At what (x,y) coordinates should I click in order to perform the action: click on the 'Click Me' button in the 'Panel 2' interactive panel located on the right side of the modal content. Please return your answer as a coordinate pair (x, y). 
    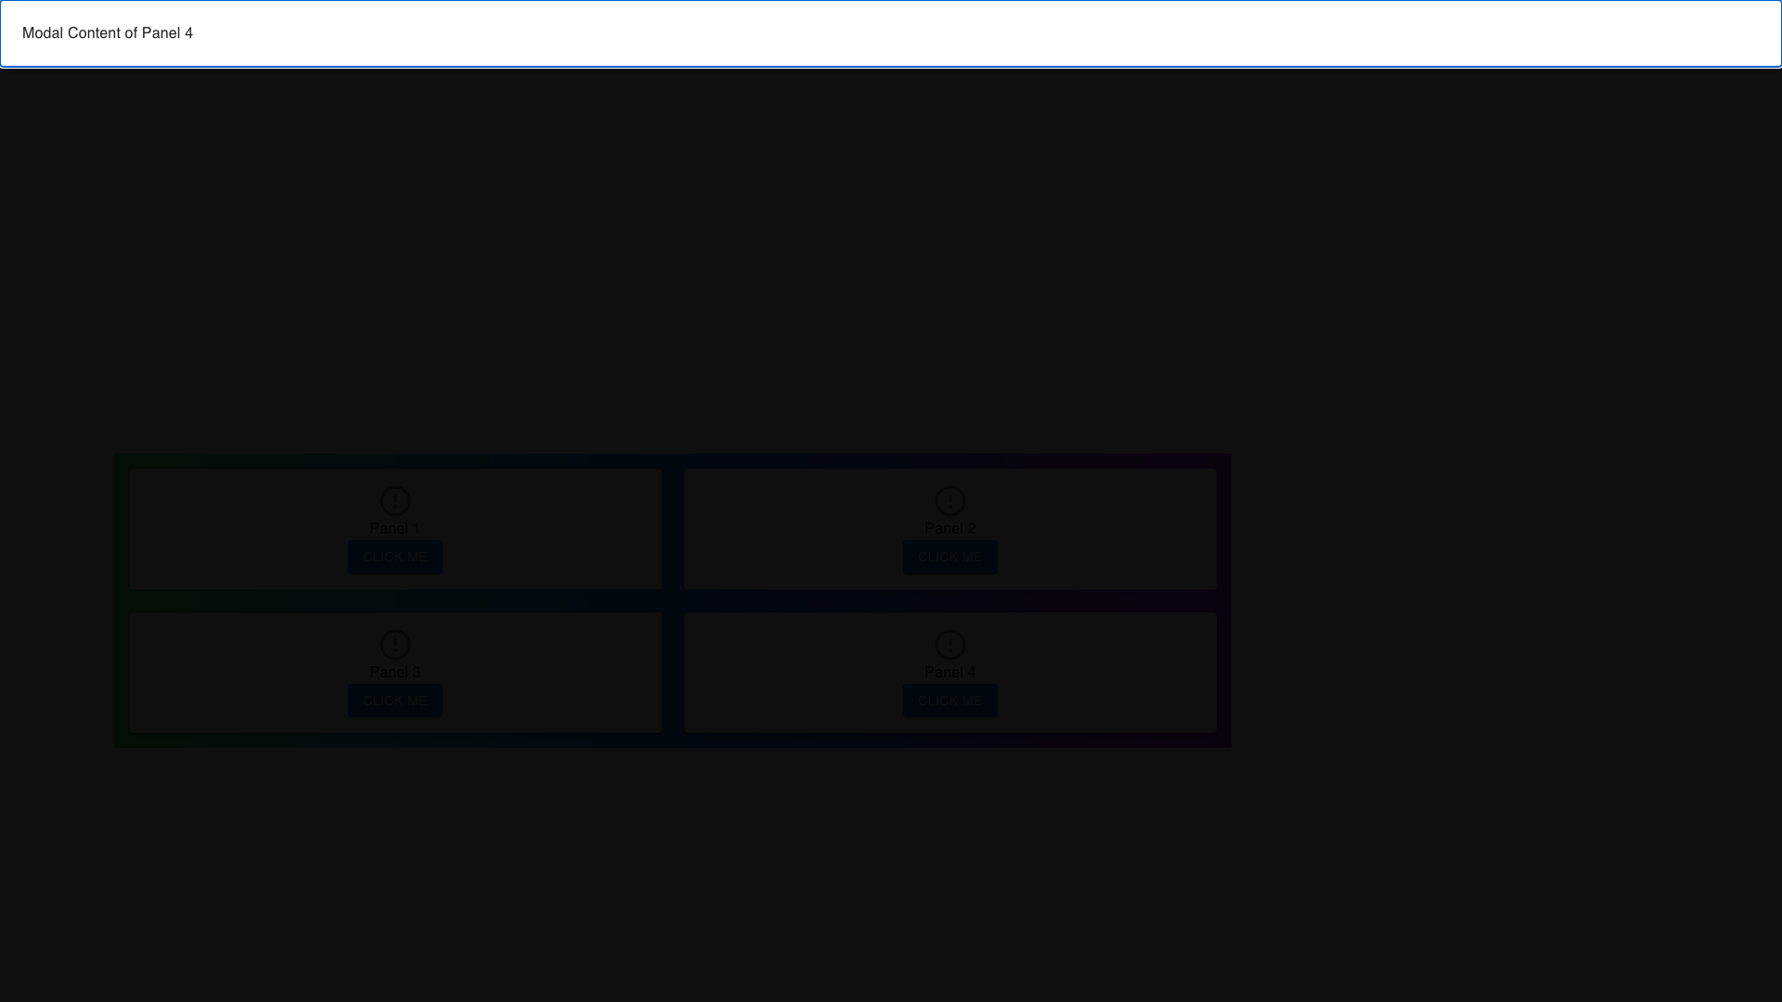
    Looking at the image, I should click on (949, 529).